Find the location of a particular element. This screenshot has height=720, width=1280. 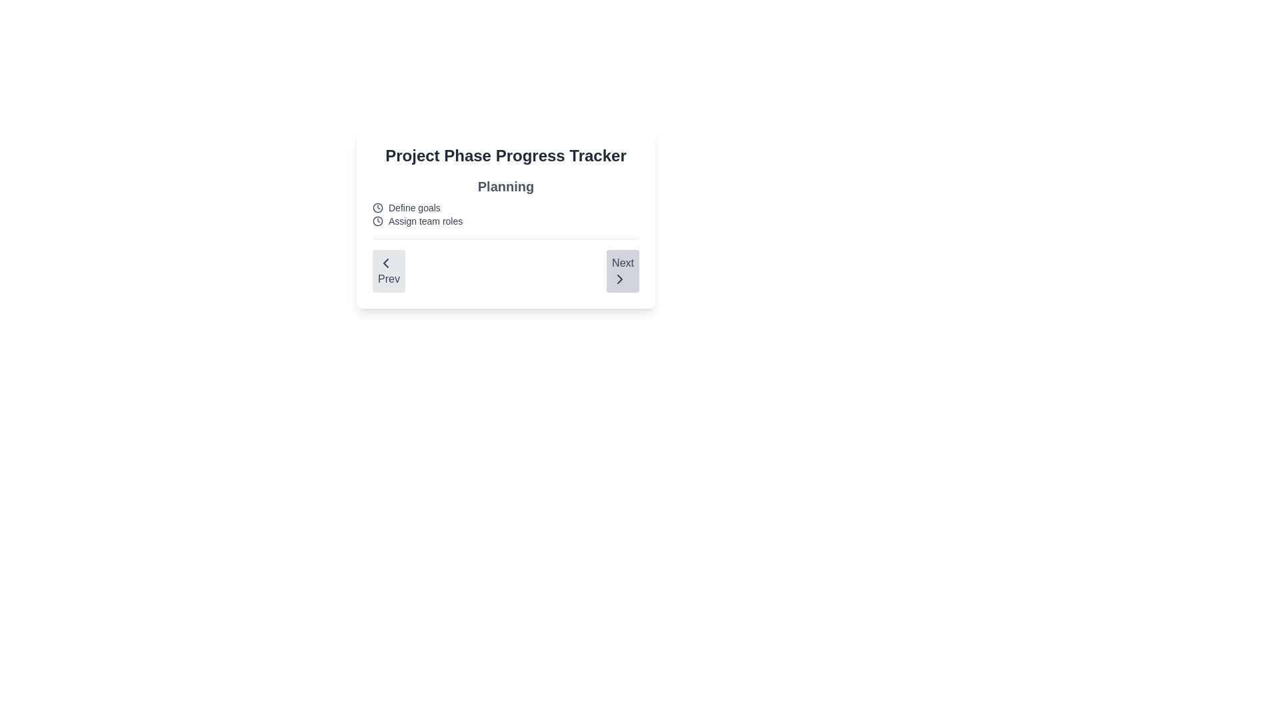

'Prev' button to navigate to the previous phase is located at coordinates (387, 271).